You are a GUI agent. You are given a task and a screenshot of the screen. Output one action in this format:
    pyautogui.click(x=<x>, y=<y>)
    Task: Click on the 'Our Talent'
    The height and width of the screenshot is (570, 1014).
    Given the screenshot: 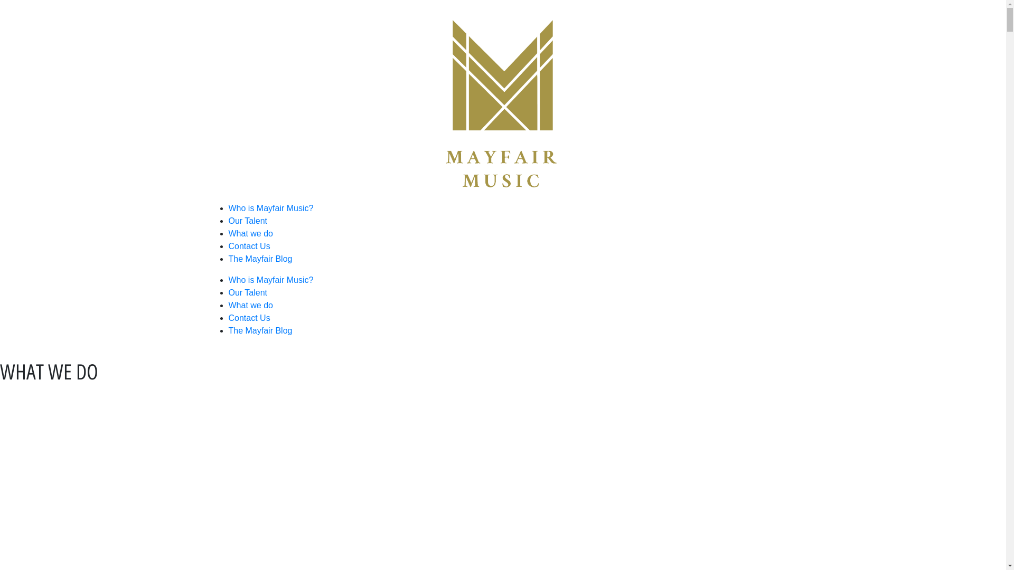 What is the action you would take?
    pyautogui.click(x=247, y=220)
    